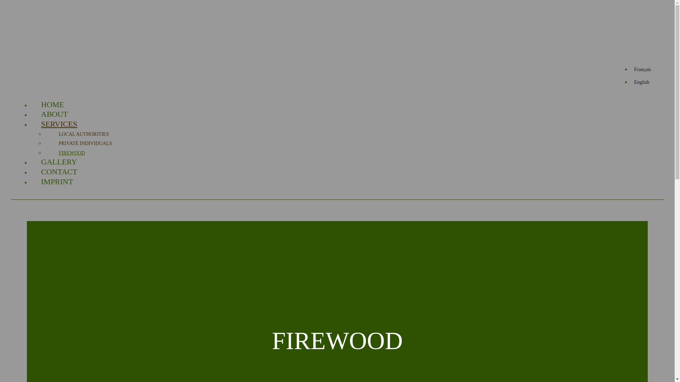 This screenshot has width=680, height=382. I want to click on 'GALLERY', so click(59, 162).